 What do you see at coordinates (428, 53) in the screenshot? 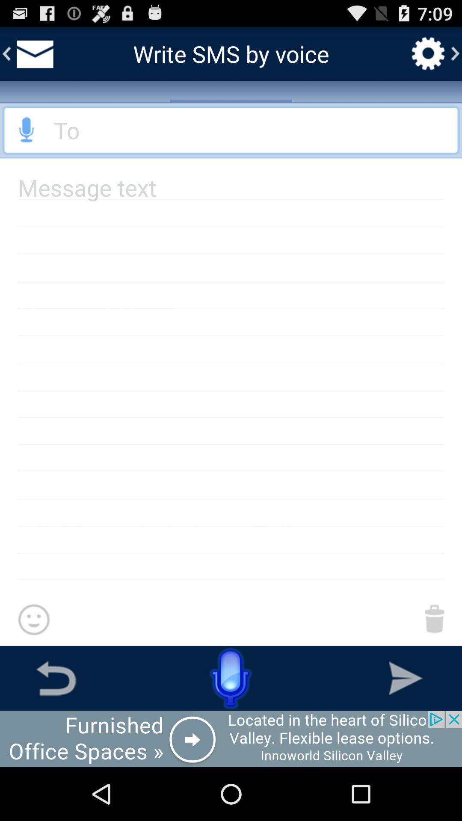
I see `settings` at bounding box center [428, 53].